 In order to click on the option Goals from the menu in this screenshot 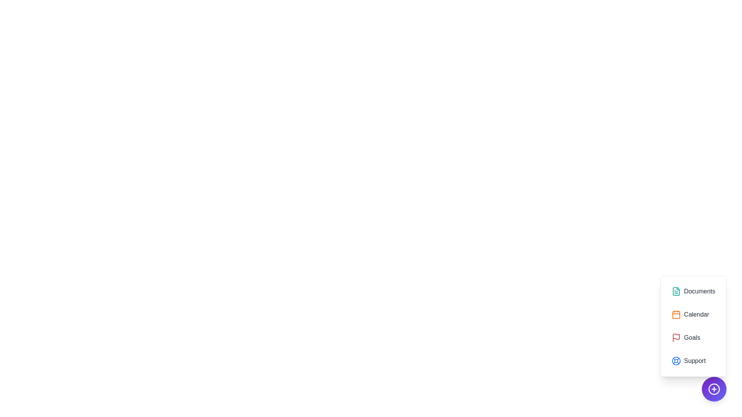, I will do `click(693, 337)`.